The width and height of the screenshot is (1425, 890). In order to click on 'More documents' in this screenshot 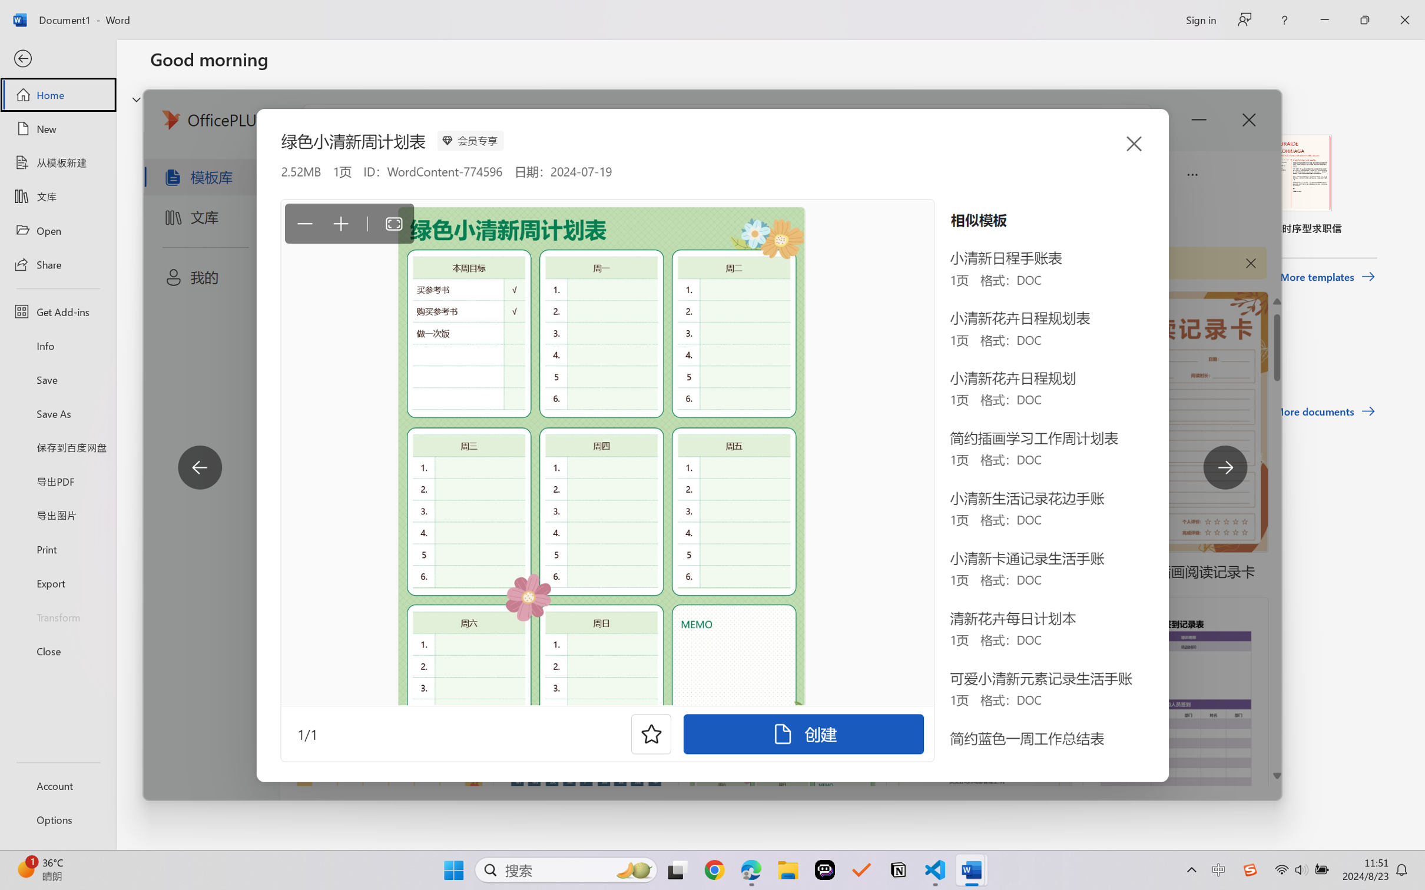, I will do `click(1324, 411)`.